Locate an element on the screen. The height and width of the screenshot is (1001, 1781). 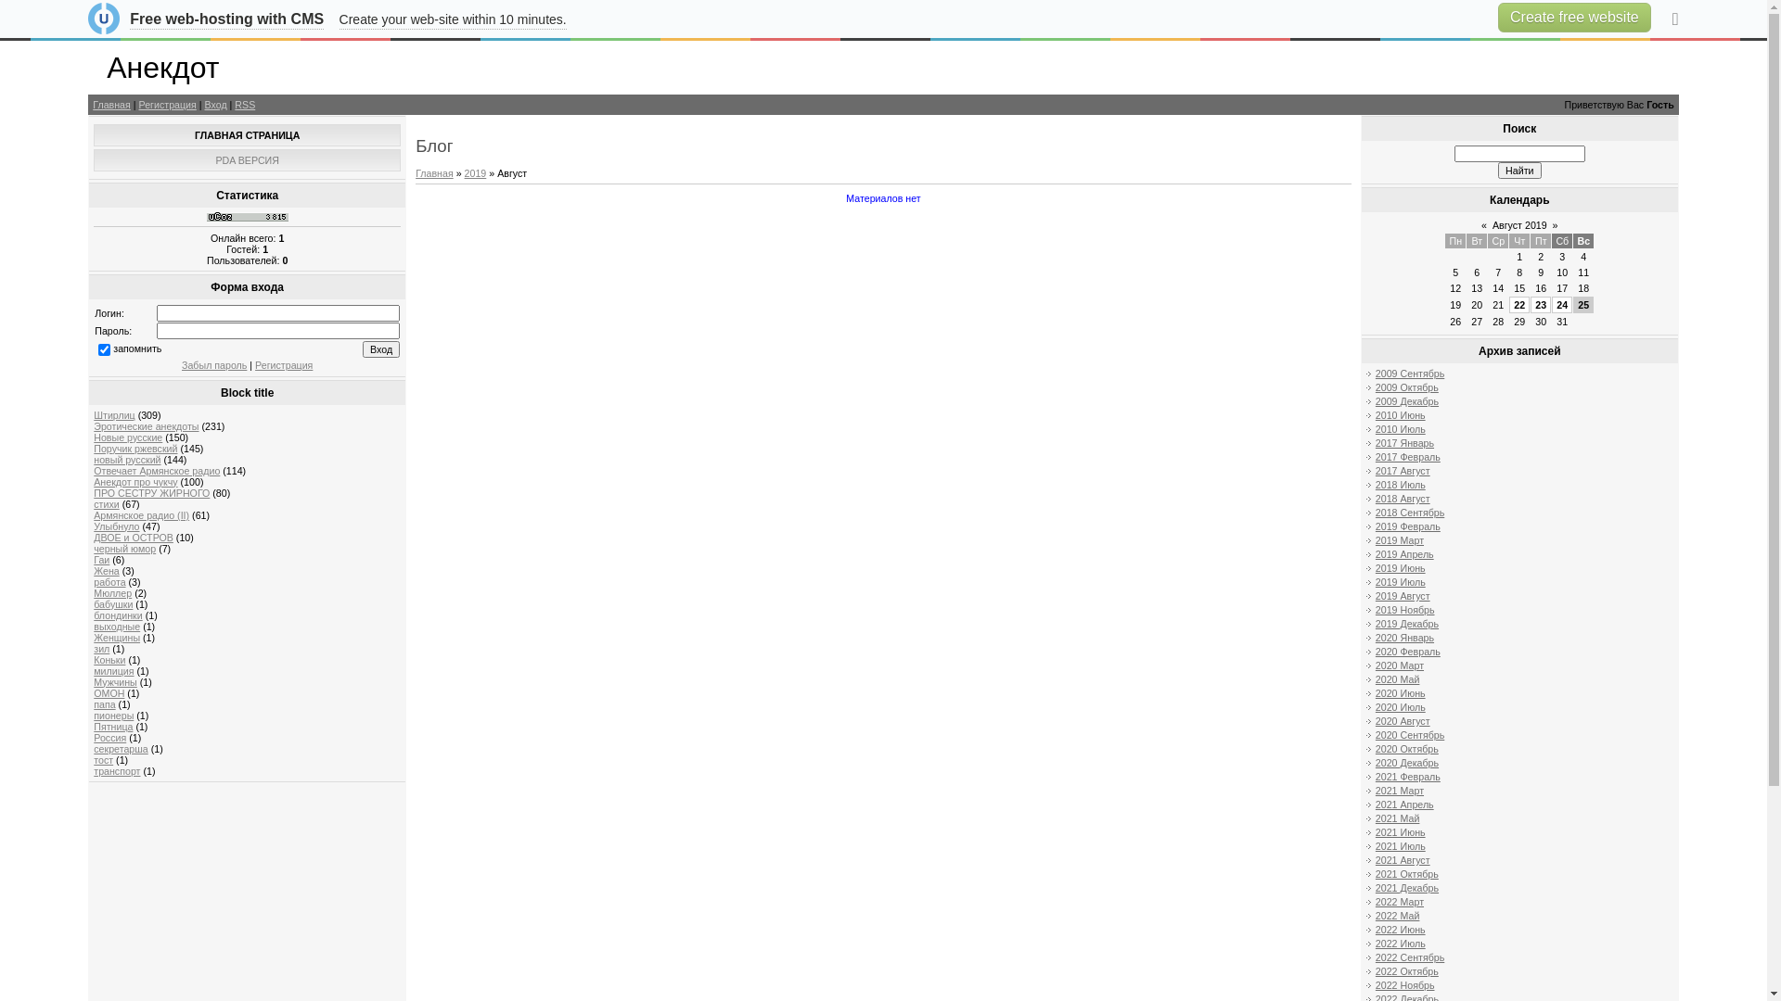
'2019' is located at coordinates (476, 172).